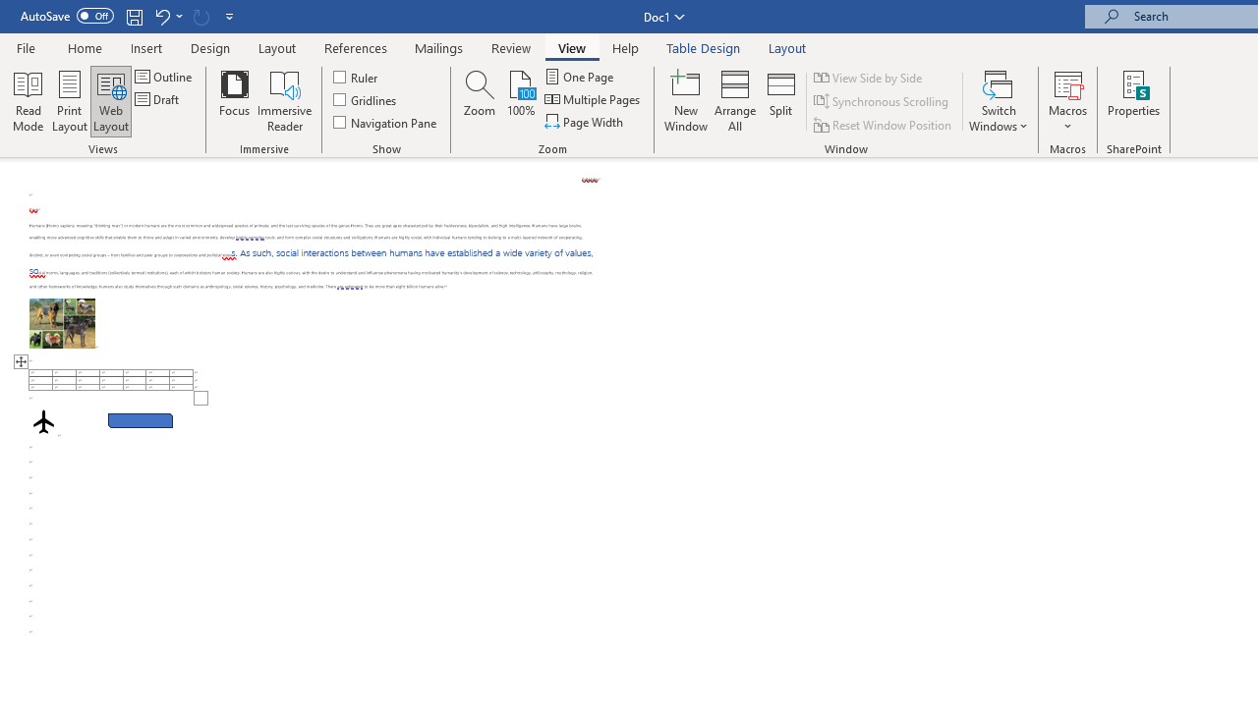 The width and height of the screenshot is (1258, 707). What do you see at coordinates (780, 101) in the screenshot?
I see `'Split'` at bounding box center [780, 101].